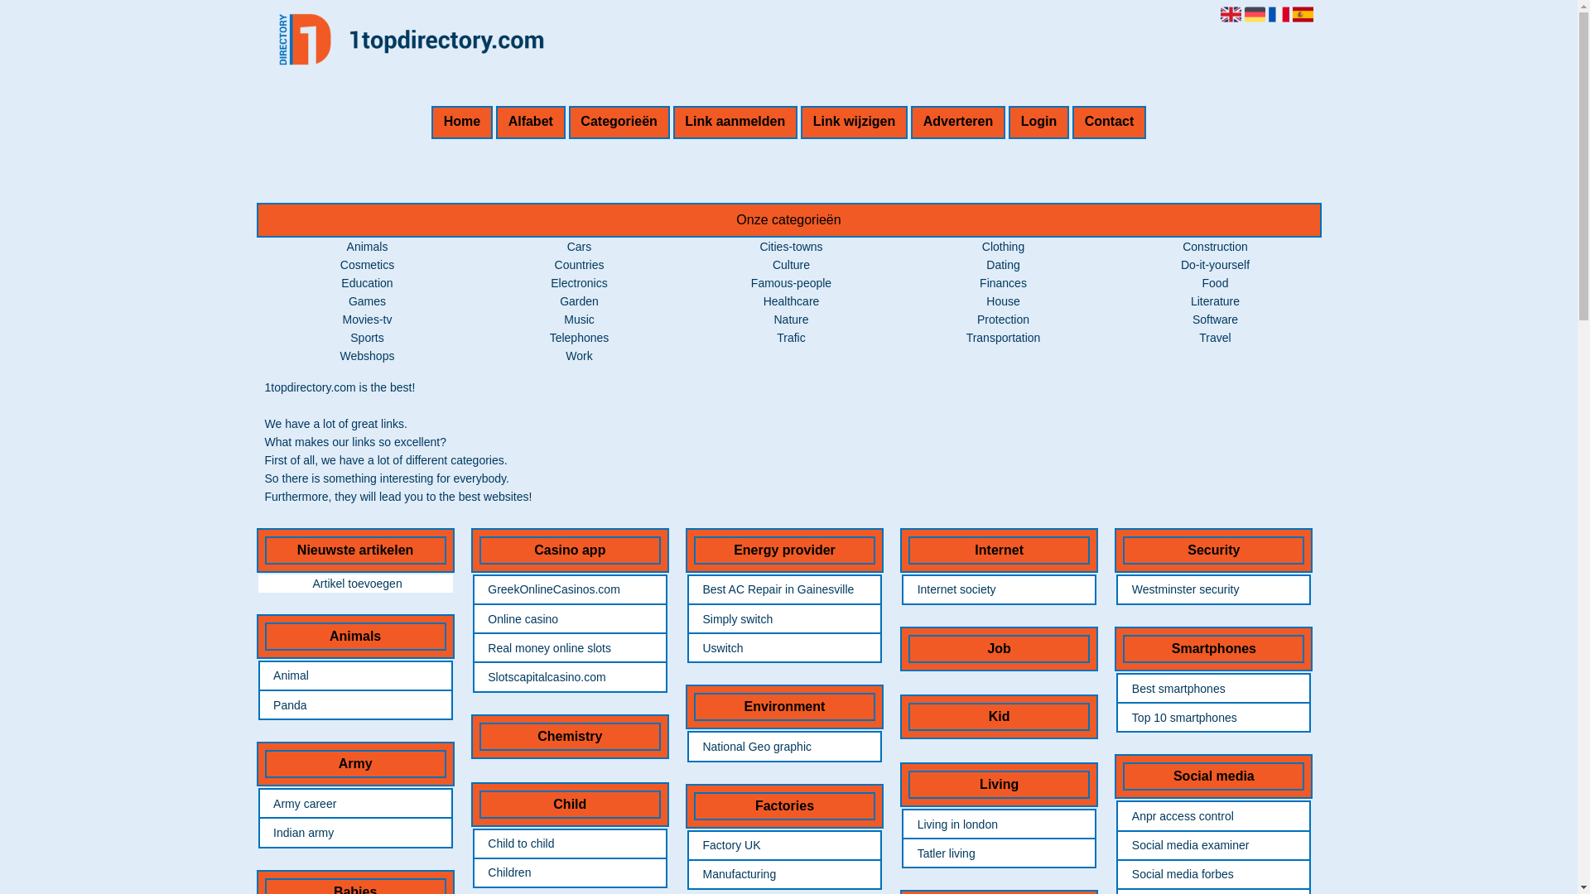  I want to click on 'Literature', so click(1215, 300).